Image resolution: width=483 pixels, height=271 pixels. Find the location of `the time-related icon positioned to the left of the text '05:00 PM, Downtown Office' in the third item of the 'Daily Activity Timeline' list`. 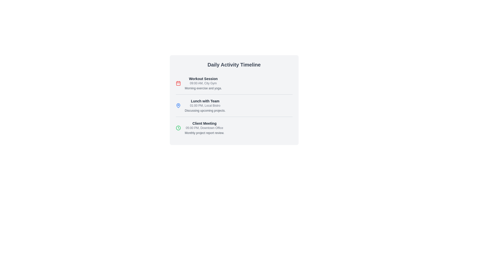

the time-related icon positioned to the left of the text '05:00 PM, Downtown Office' in the third item of the 'Daily Activity Timeline' list is located at coordinates (178, 127).